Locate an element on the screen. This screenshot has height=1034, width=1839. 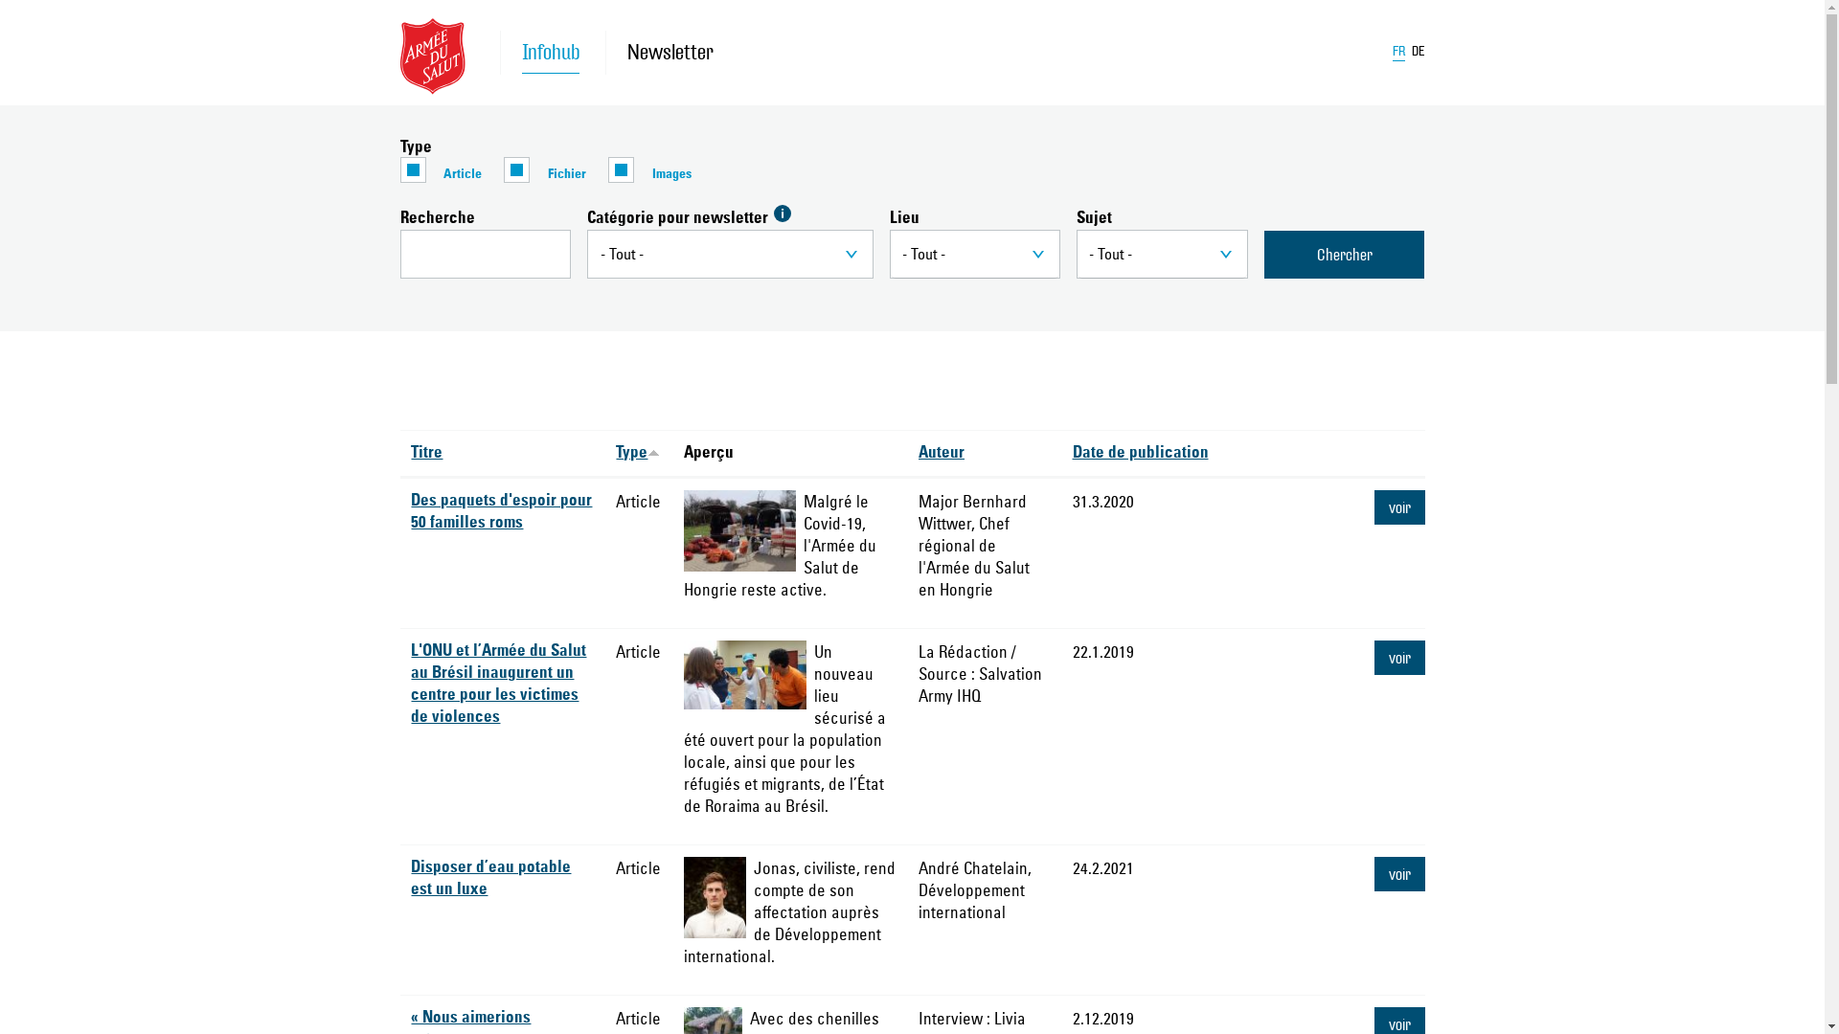
'Titre' is located at coordinates (425, 453).